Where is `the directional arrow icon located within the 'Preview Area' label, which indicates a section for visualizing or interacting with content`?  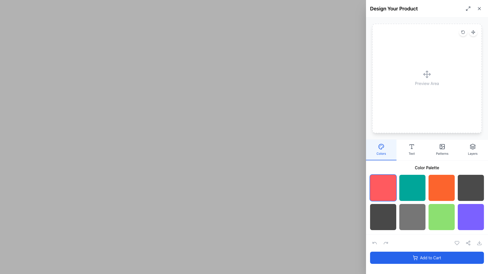 the directional arrow icon located within the 'Preview Area' label, which indicates a section for visualizing or interacting with content is located at coordinates (427, 78).